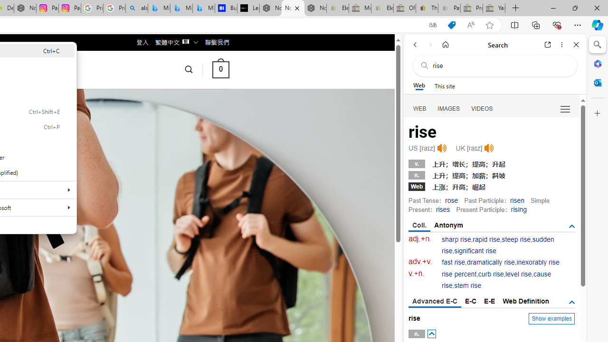 This screenshot has width=608, height=342. What do you see at coordinates (453, 262) in the screenshot?
I see `'fast rise'` at bounding box center [453, 262].